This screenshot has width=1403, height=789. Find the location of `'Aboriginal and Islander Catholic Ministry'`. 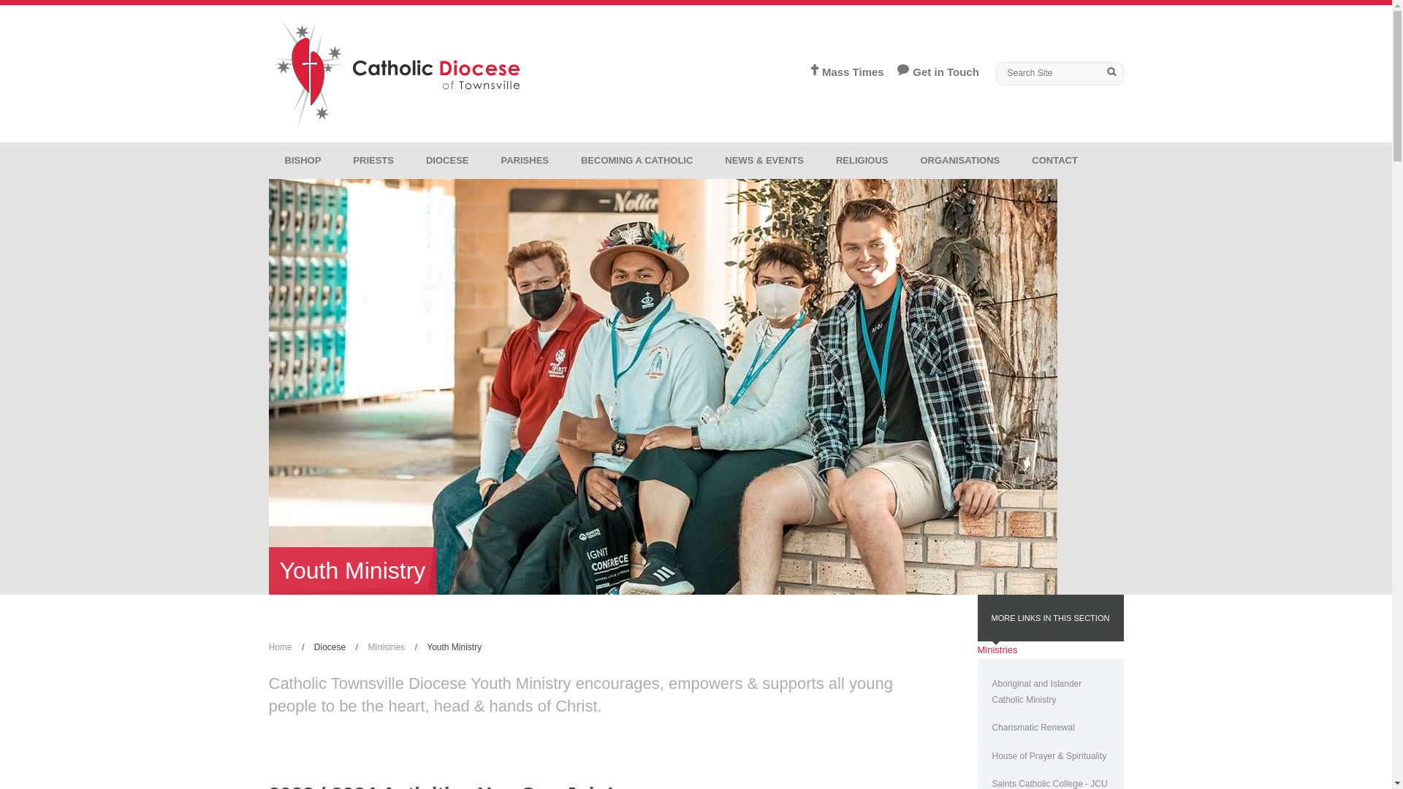

'Aboriginal and Islander Catholic Ministry' is located at coordinates (1050, 691).